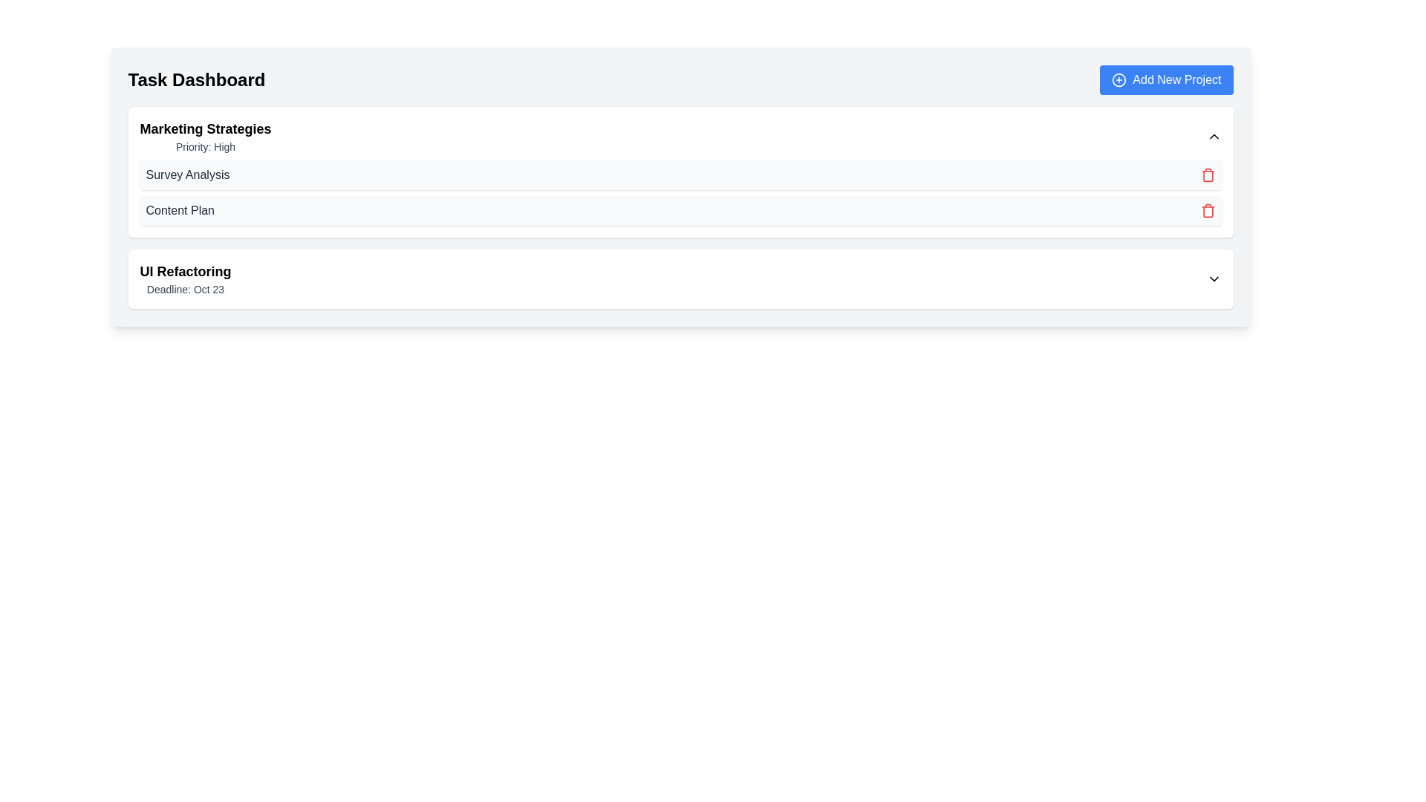  Describe the element at coordinates (205, 137) in the screenshot. I see `the static text element labeled 'Marketing Strategies' with the subtext 'Priority: High' near the top left area of the dashboard` at that location.